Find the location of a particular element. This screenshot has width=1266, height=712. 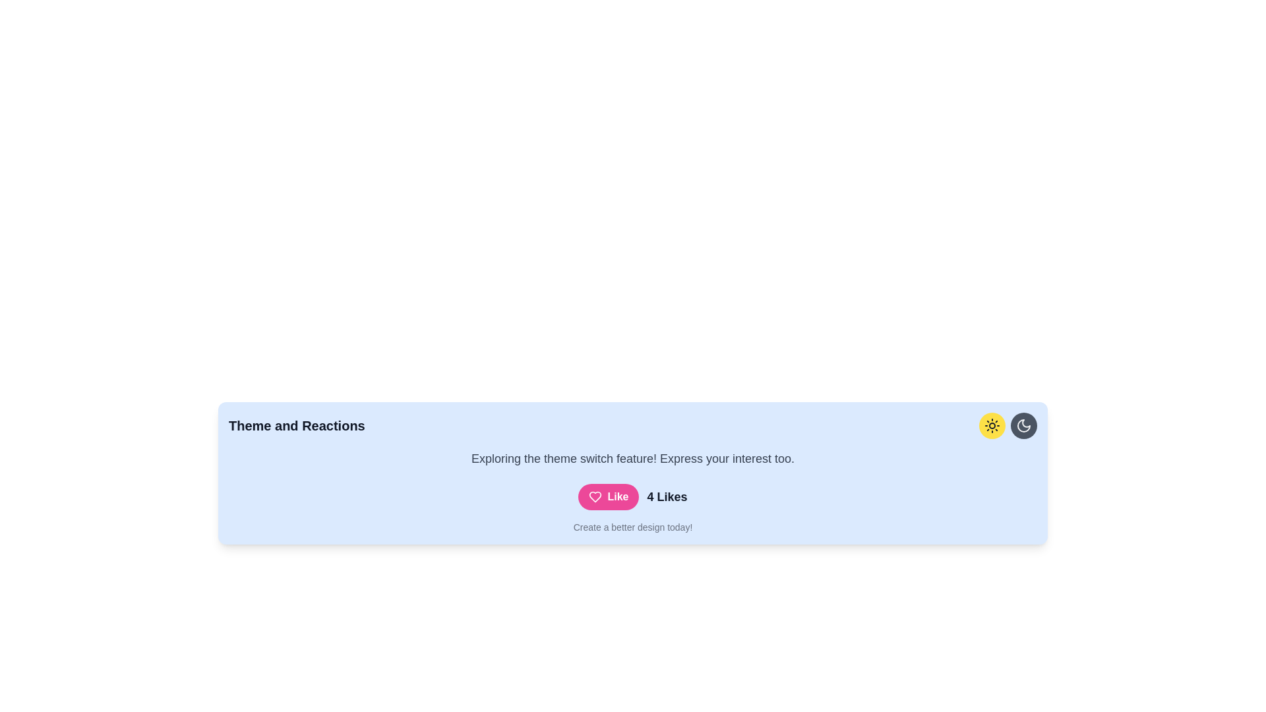

the sun-shaped icon with radiating lines, styled in gray and set within a yellow round button is located at coordinates (992, 425).